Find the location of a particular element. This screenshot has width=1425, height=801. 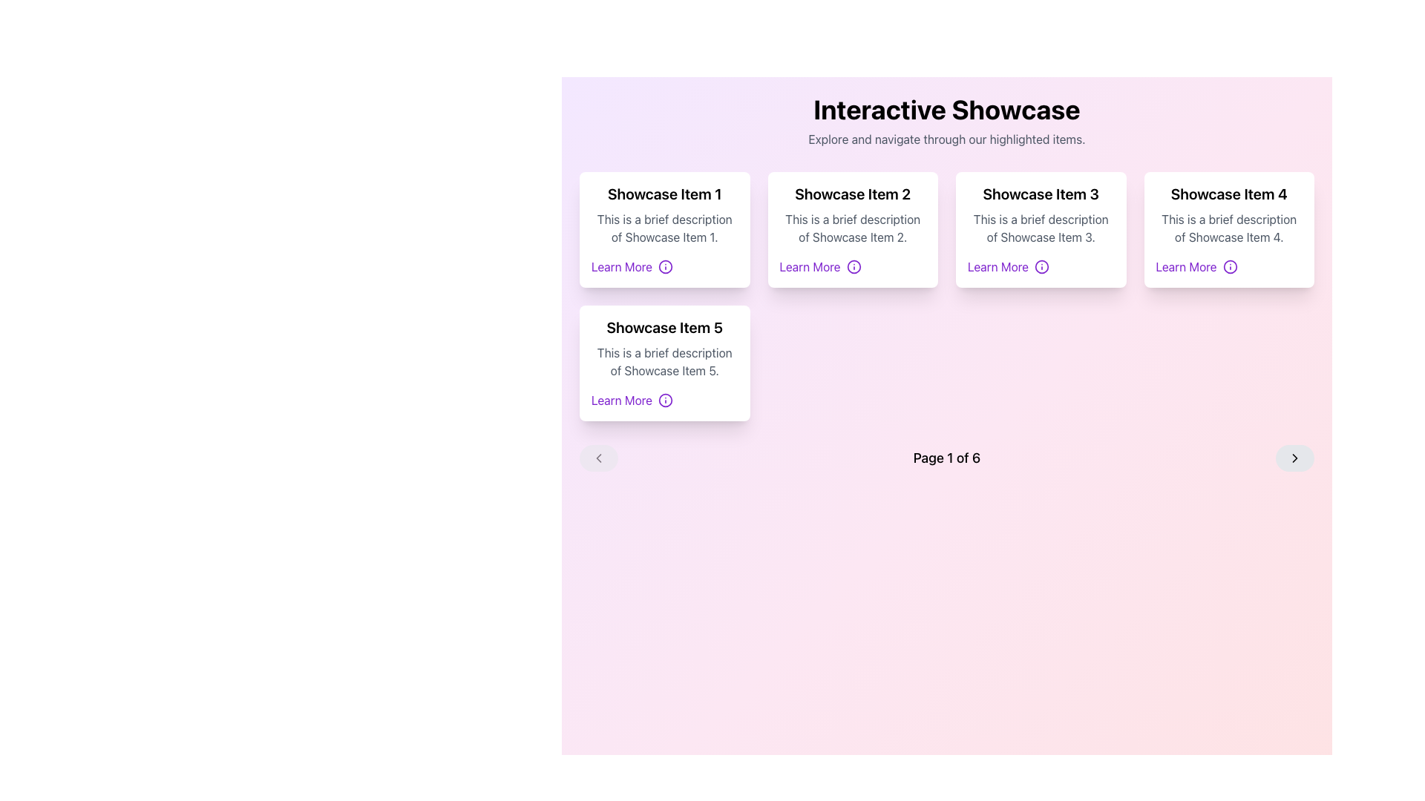

the hyperlink located at the bottom section of the card labeled 'Showcase Item 5' is located at coordinates (664, 400).